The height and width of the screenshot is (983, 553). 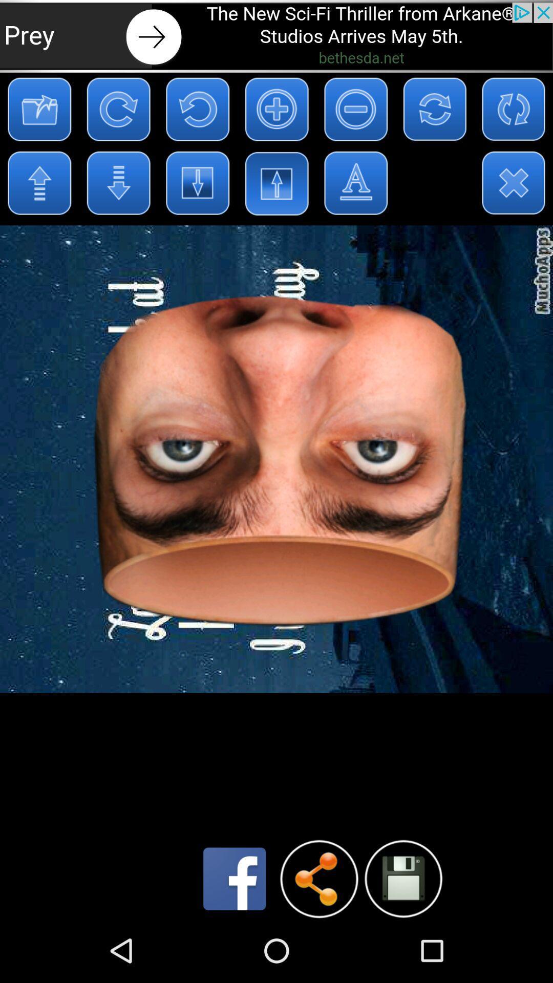 I want to click on setting option, so click(x=402, y=878).